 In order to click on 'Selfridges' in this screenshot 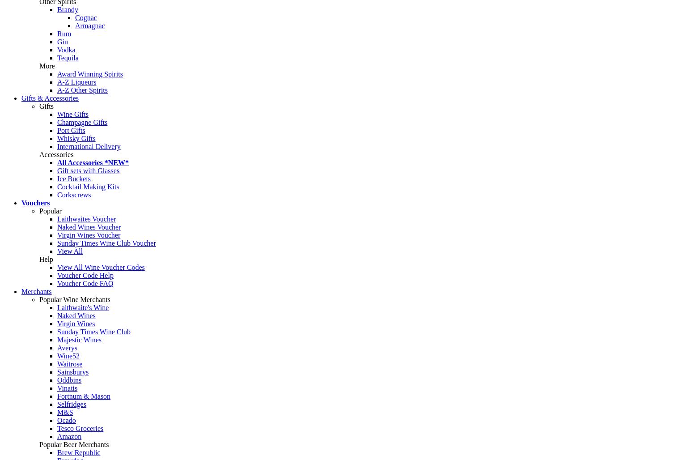, I will do `click(71, 404)`.